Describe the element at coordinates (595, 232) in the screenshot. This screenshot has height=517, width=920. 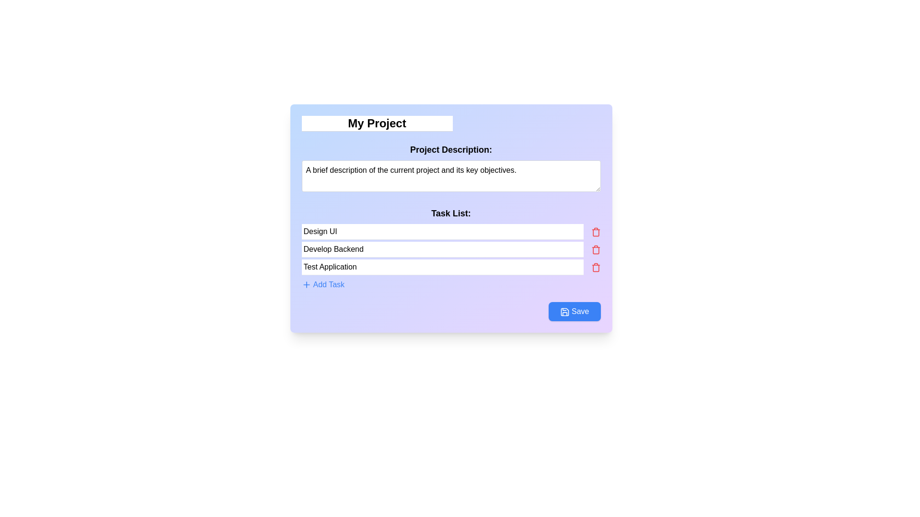
I see `the red trash can-shaped icon located to the right of the 'Design UI' text field` at that location.